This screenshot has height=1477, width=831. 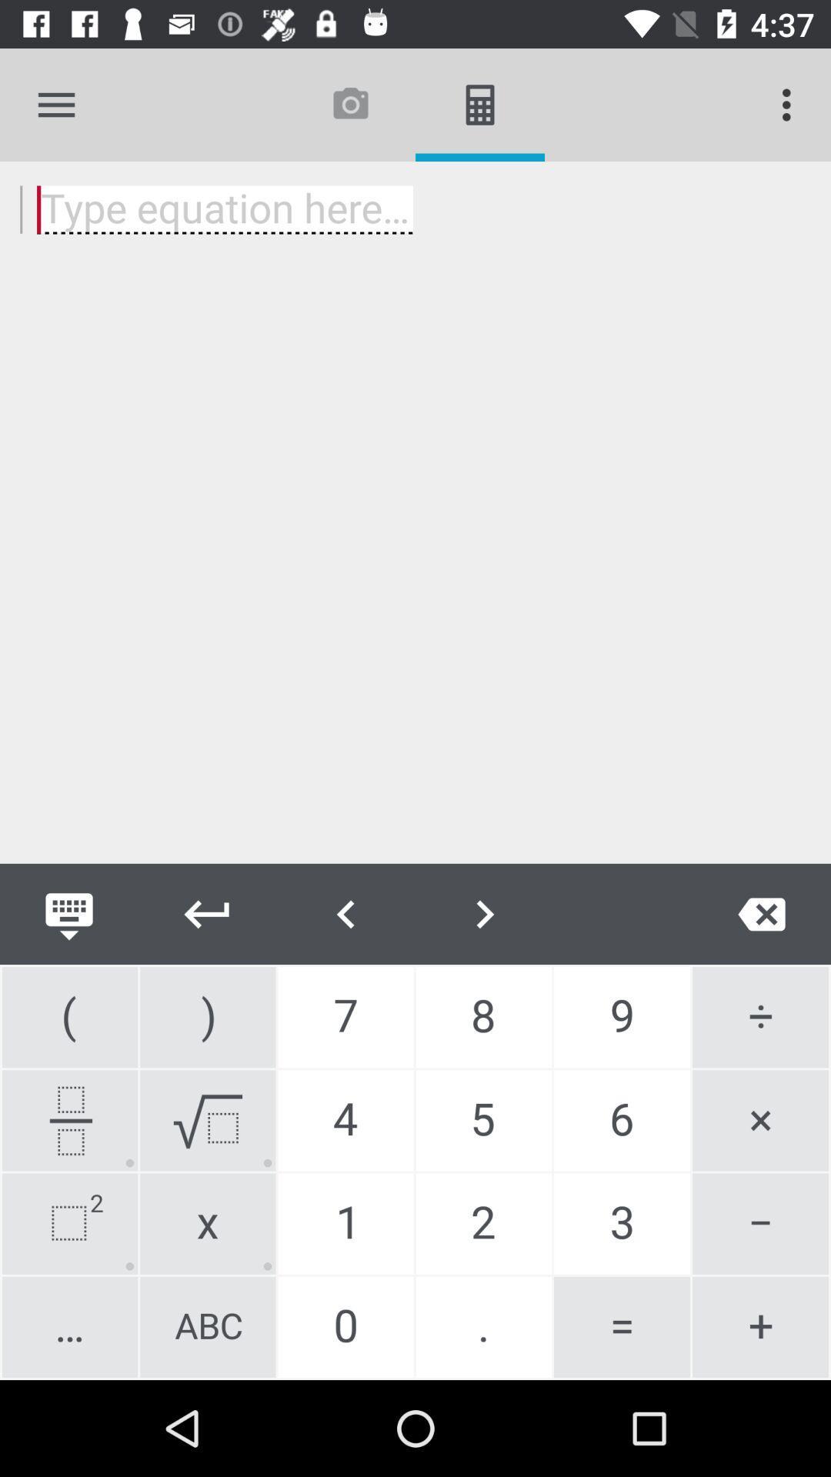 What do you see at coordinates (55, 104) in the screenshot?
I see `open menu` at bounding box center [55, 104].